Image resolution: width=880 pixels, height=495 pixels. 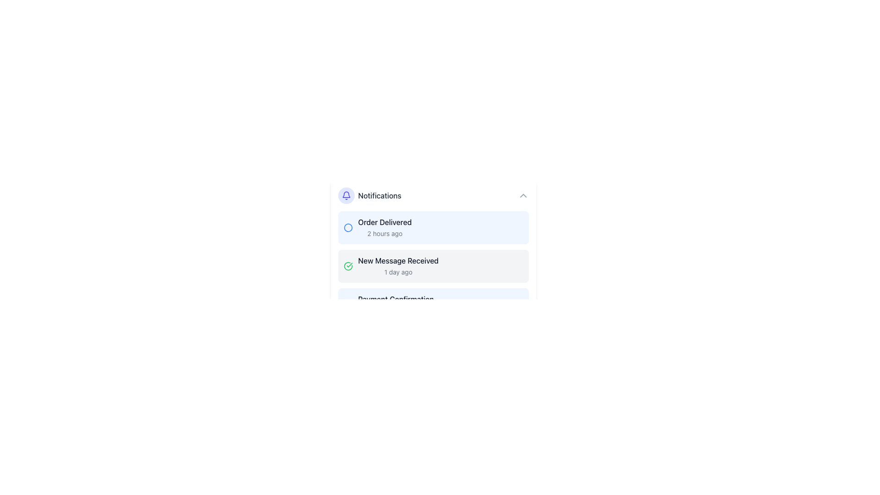 I want to click on contents of the Text Label that serves as the title for the notifications section, positioned immediately to the right of a bell icon, so click(x=379, y=195).